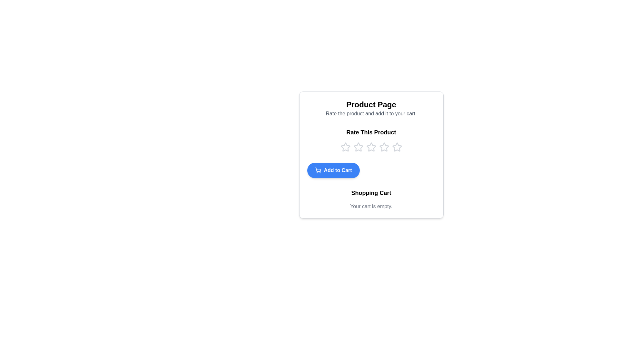 Image resolution: width=619 pixels, height=348 pixels. Describe the element at coordinates (318, 169) in the screenshot. I see `the shopping cart icon, which is part of the 'Add to Cart' button located below the rating stars in the product description section` at that location.